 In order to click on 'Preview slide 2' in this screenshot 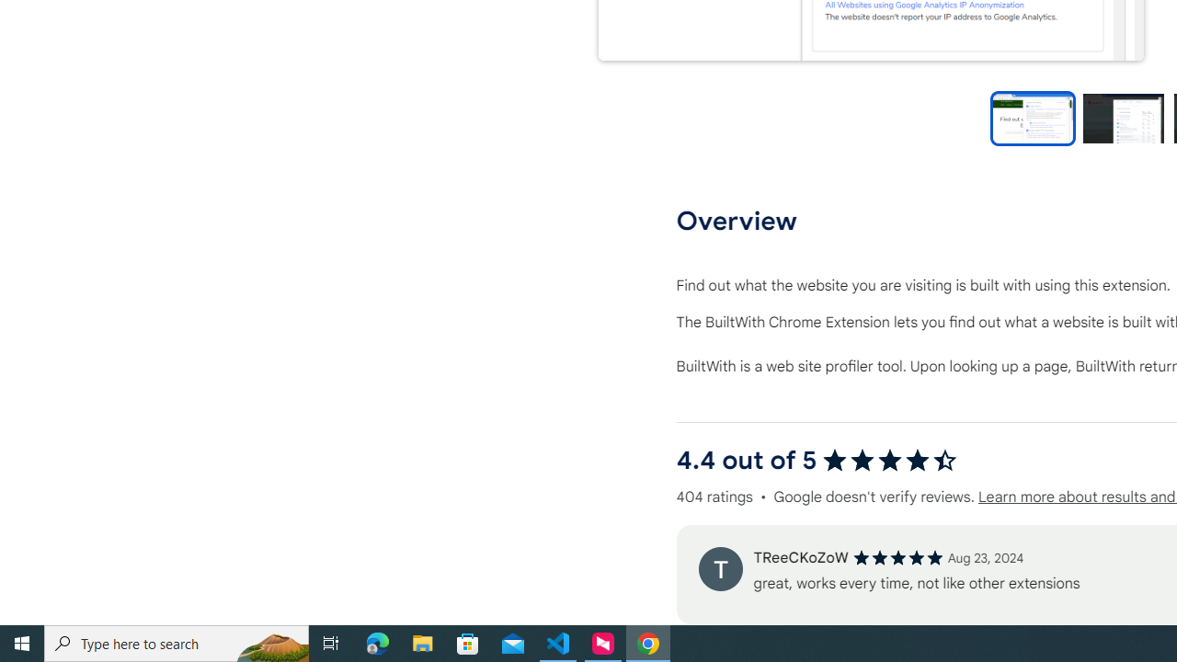, I will do `click(1122, 118)`.